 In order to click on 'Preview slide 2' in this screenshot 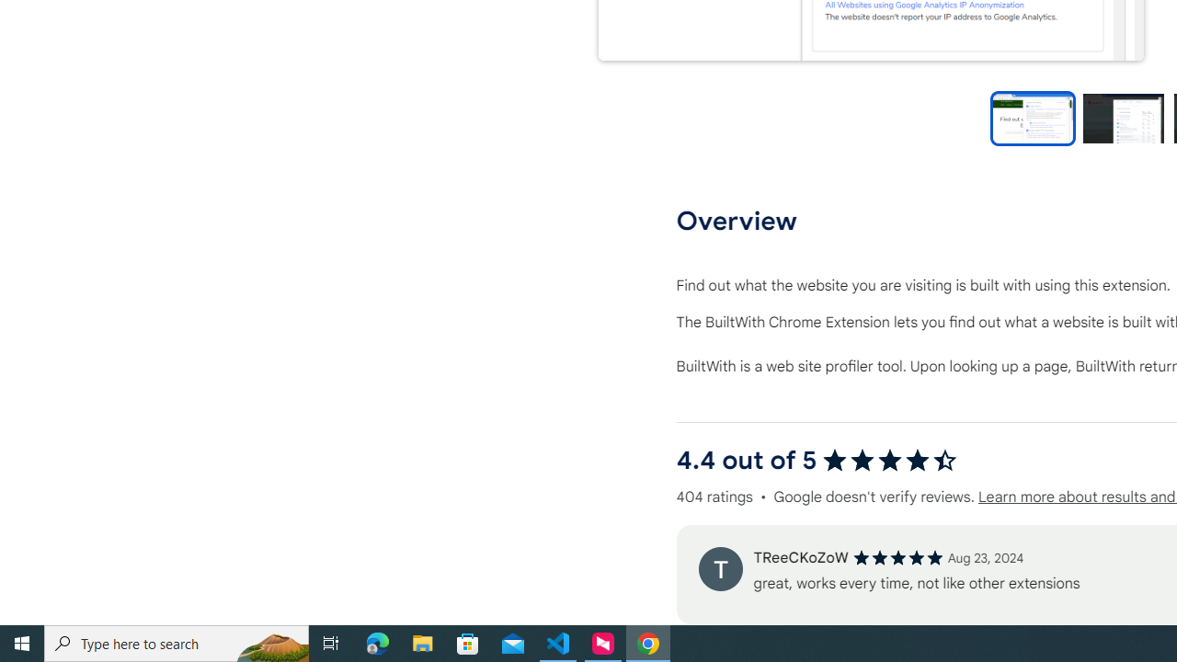, I will do `click(1122, 118)`.